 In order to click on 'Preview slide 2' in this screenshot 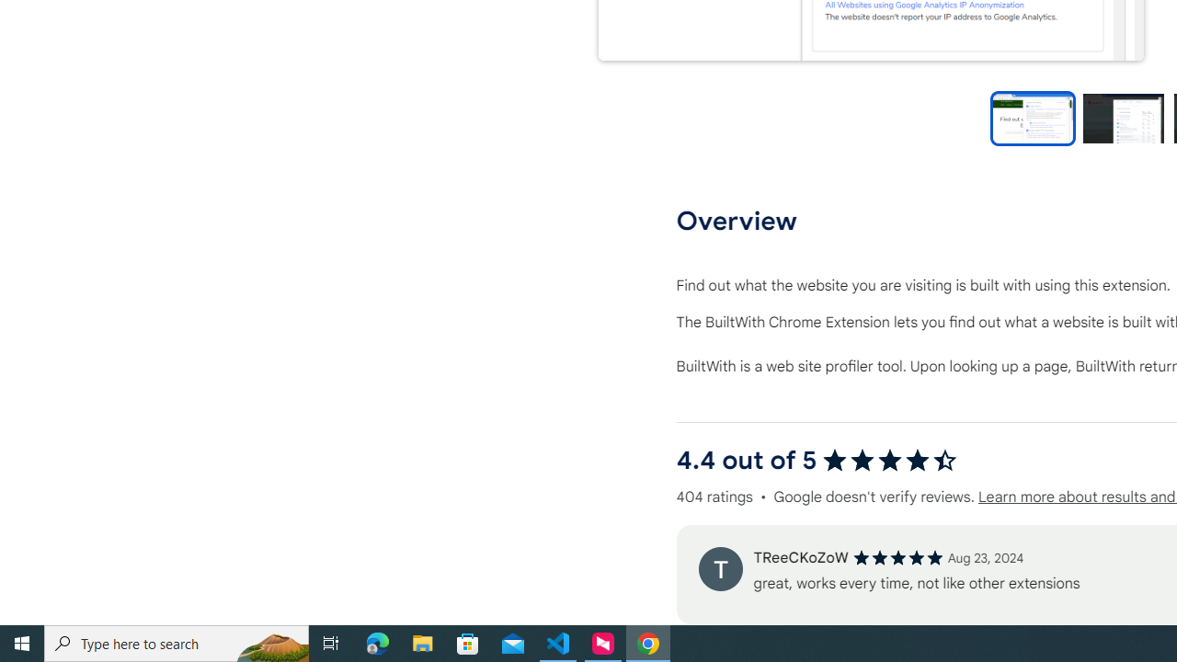, I will do `click(1122, 118)`.